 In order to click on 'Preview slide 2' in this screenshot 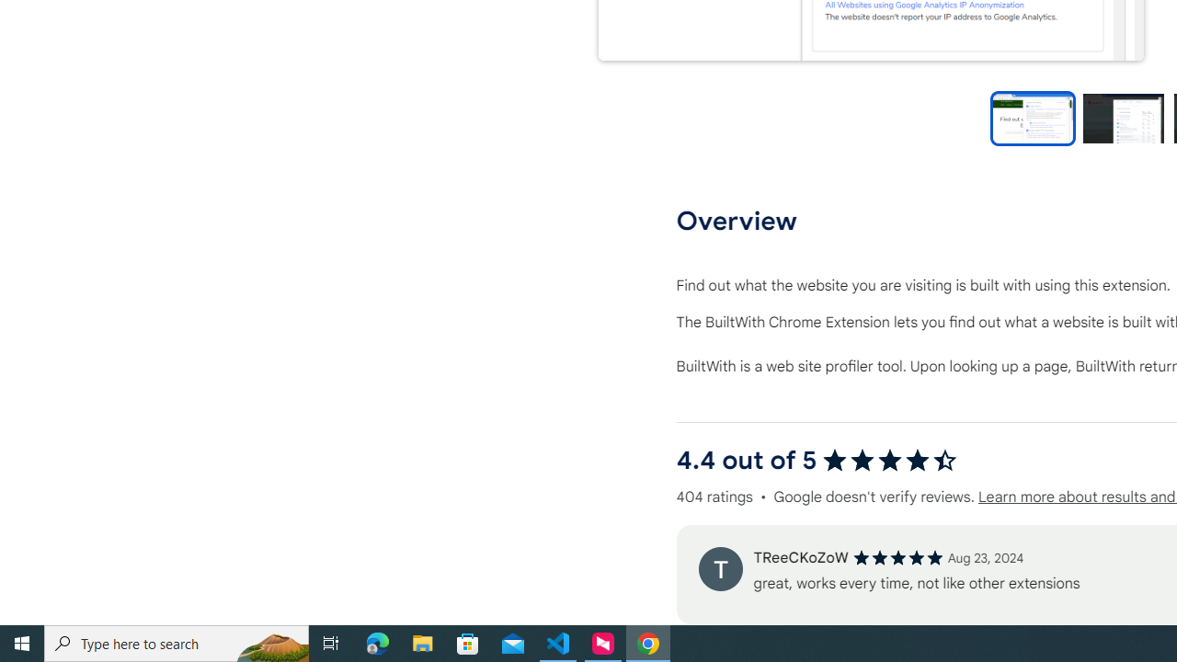, I will do `click(1122, 118)`.